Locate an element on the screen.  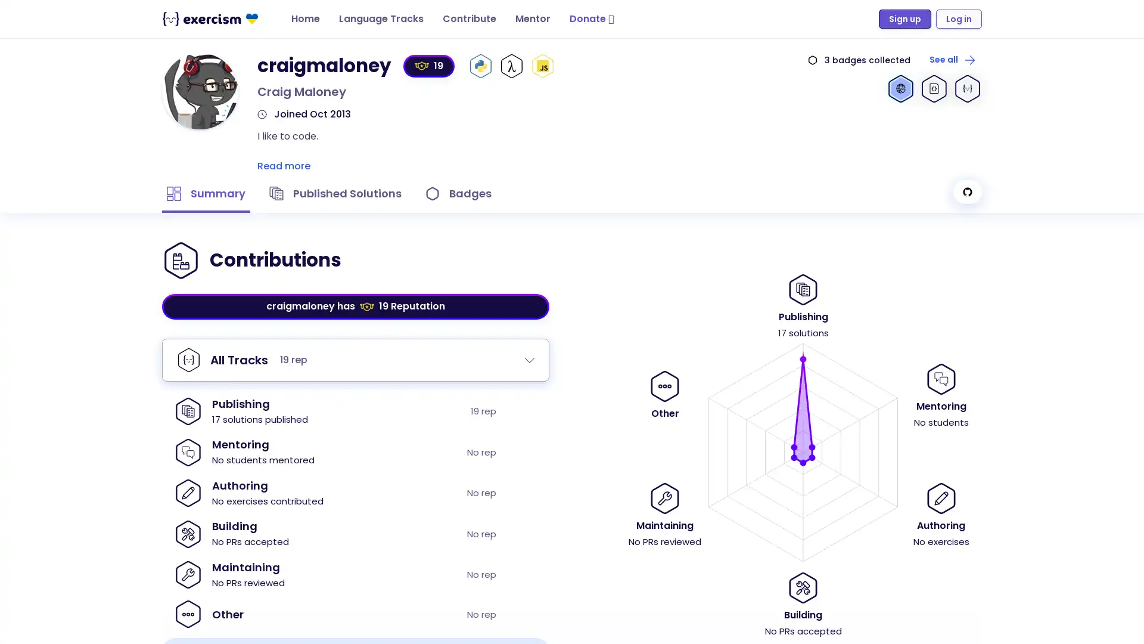
Read more is located at coordinates (283, 166).